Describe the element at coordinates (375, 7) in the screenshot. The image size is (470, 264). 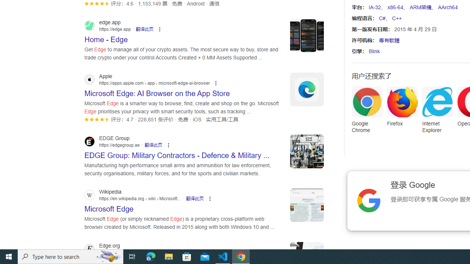
I see `'IA-32'` at that location.